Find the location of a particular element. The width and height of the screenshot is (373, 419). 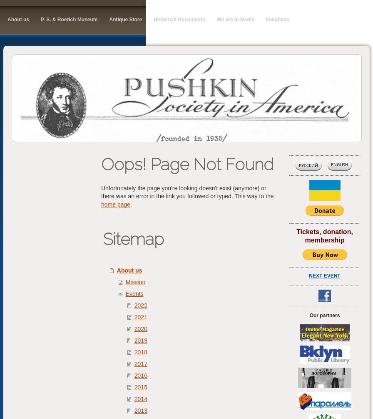

'2016' is located at coordinates (140, 374).